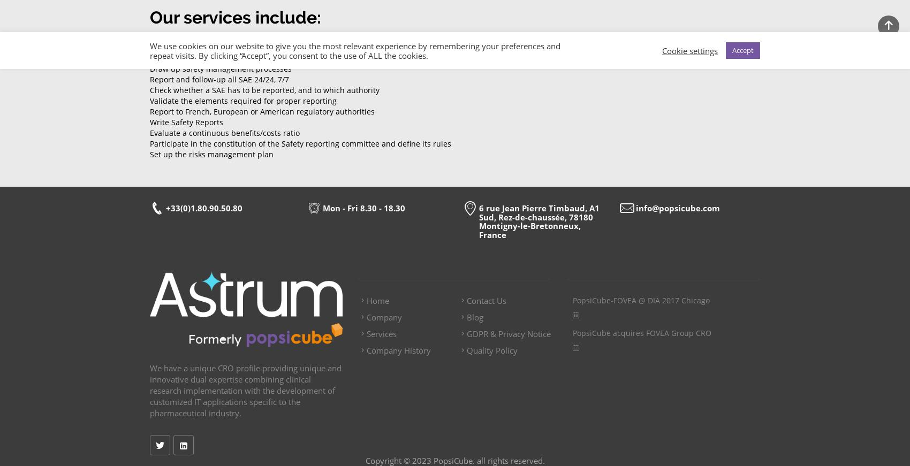 This screenshot has width=910, height=466. What do you see at coordinates (235, 16) in the screenshot?
I see `'Our services include:'` at bounding box center [235, 16].